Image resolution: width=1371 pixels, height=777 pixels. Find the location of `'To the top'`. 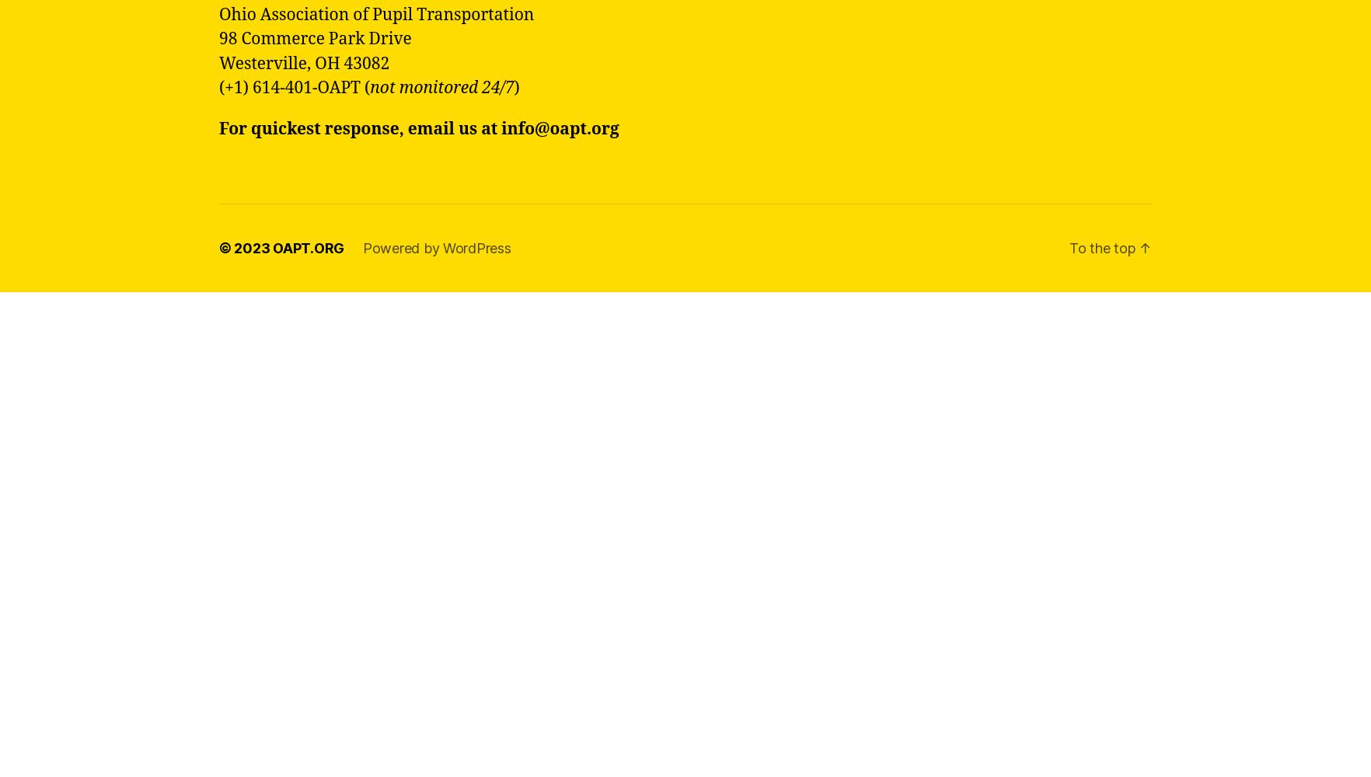

'To the top' is located at coordinates (1104, 247).